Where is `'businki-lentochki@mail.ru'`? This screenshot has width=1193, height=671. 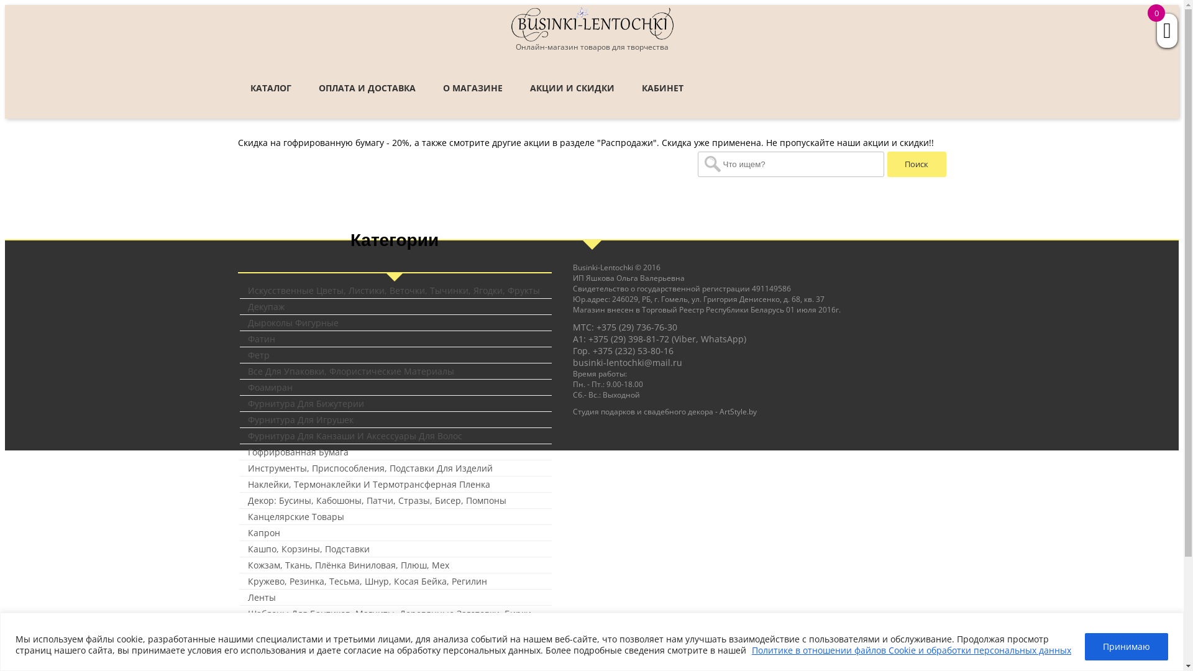 'businki-lentochki@mail.ru' is located at coordinates (572, 362).